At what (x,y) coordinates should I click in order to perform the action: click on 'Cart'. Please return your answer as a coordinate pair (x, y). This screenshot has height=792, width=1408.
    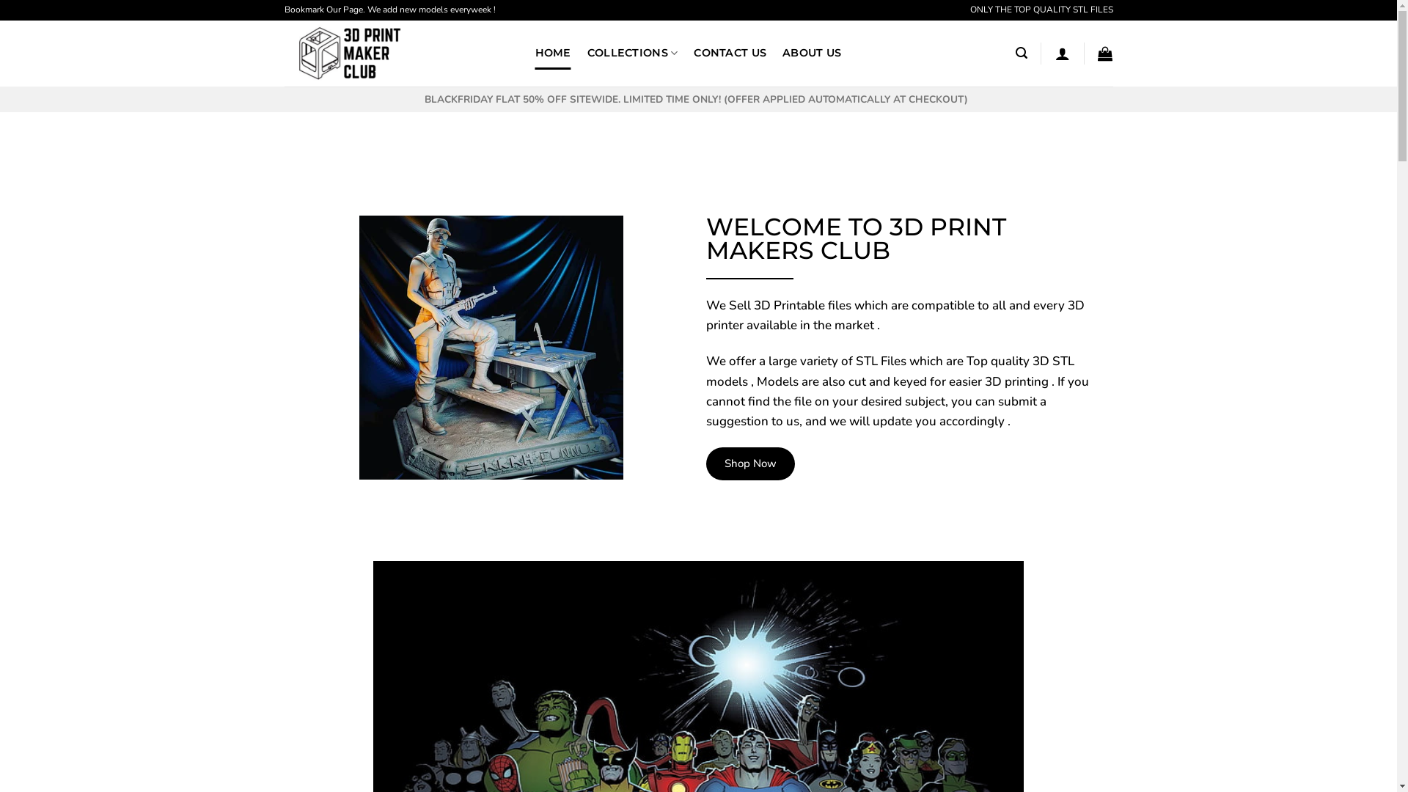
    Looking at the image, I should click on (1105, 53).